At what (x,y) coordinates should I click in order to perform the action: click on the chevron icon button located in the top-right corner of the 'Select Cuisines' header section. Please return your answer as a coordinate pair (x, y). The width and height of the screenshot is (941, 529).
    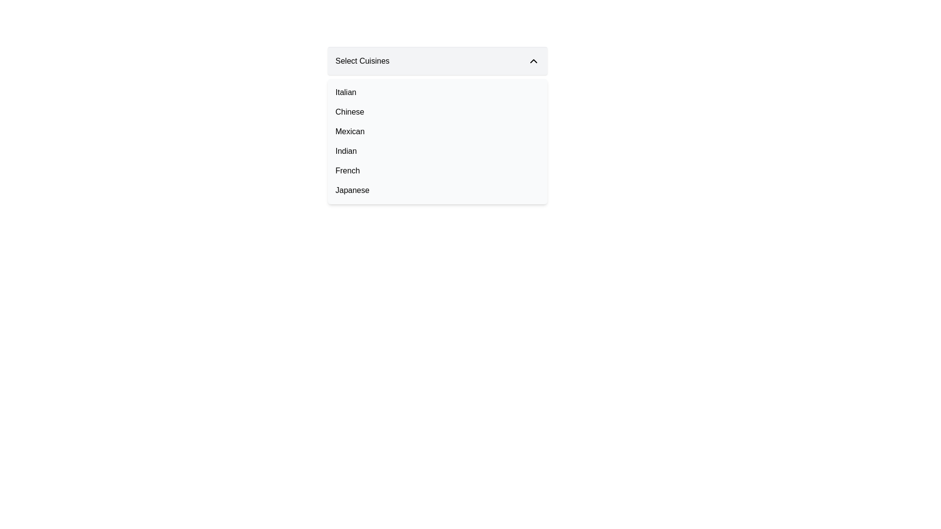
    Looking at the image, I should click on (533, 61).